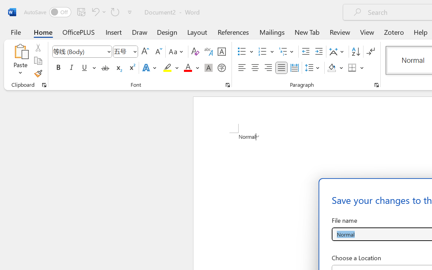 The width and height of the screenshot is (432, 270). Describe the element at coordinates (272, 32) in the screenshot. I see `'Mailings'` at that location.